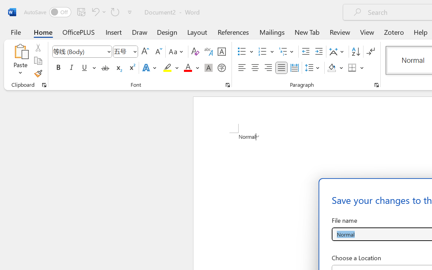 The width and height of the screenshot is (432, 270). Describe the element at coordinates (272, 32) in the screenshot. I see `'Mailings'` at that location.